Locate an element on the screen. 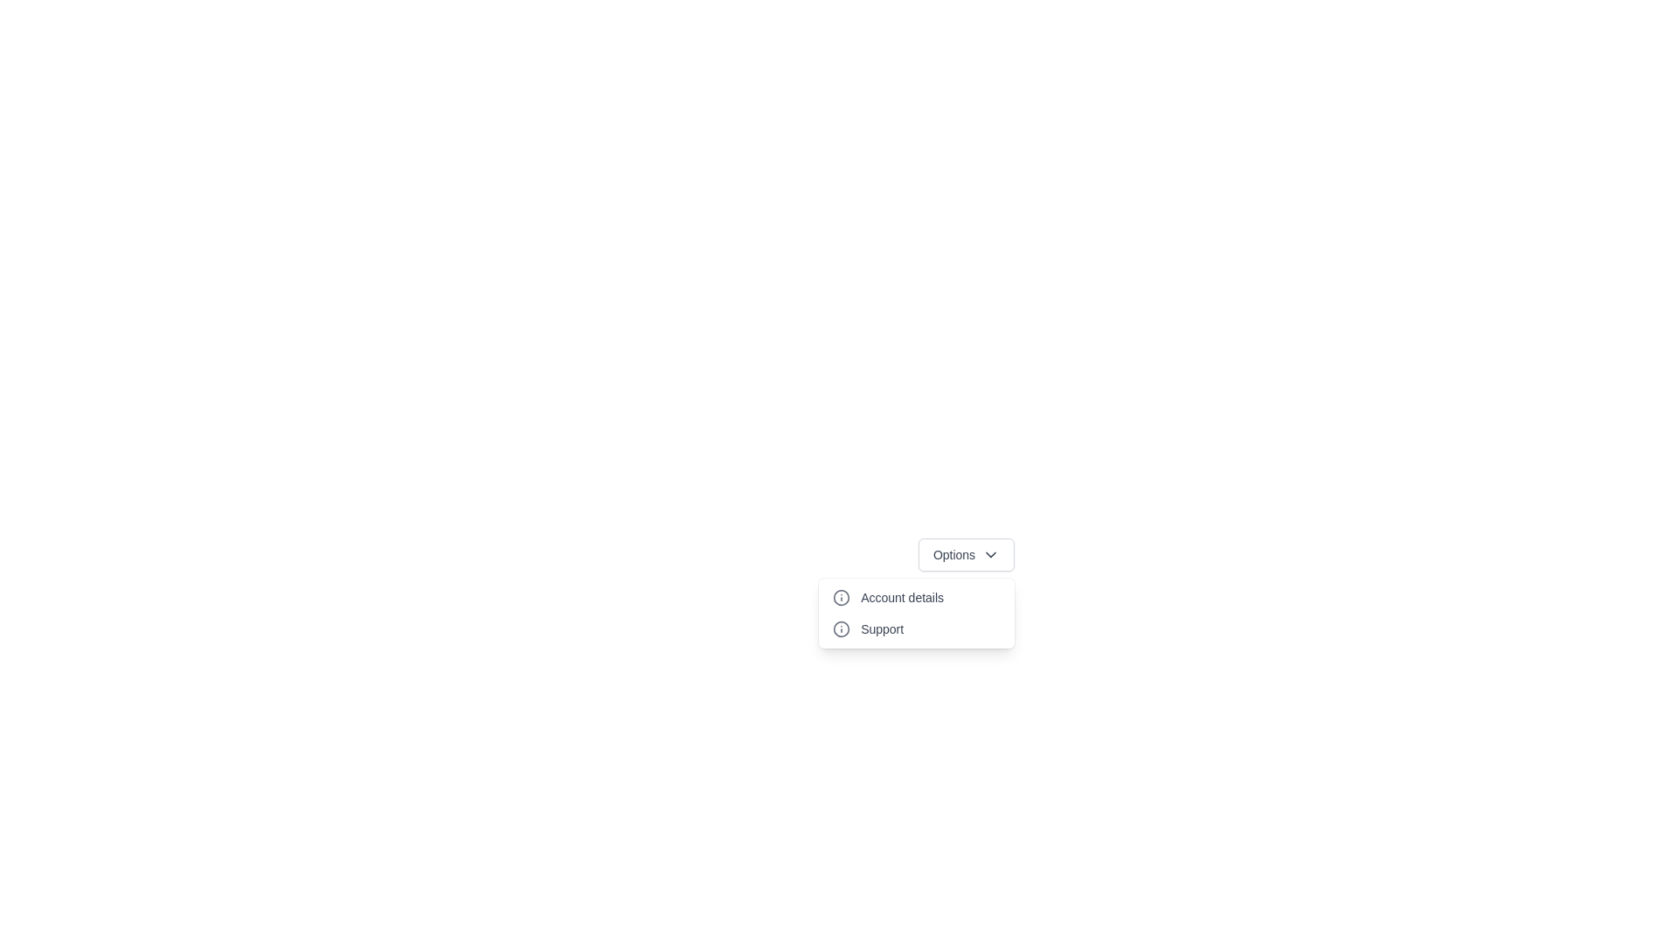  the 'Options' button, which is a rectangular button with a light gray border and grayish-blue text is located at coordinates (965, 555).